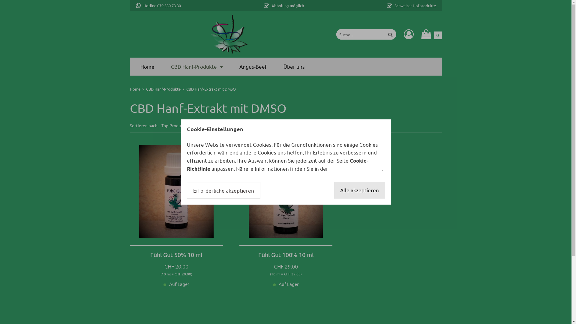  I want to click on 'CBD Hanf-Produkte', so click(163, 89).